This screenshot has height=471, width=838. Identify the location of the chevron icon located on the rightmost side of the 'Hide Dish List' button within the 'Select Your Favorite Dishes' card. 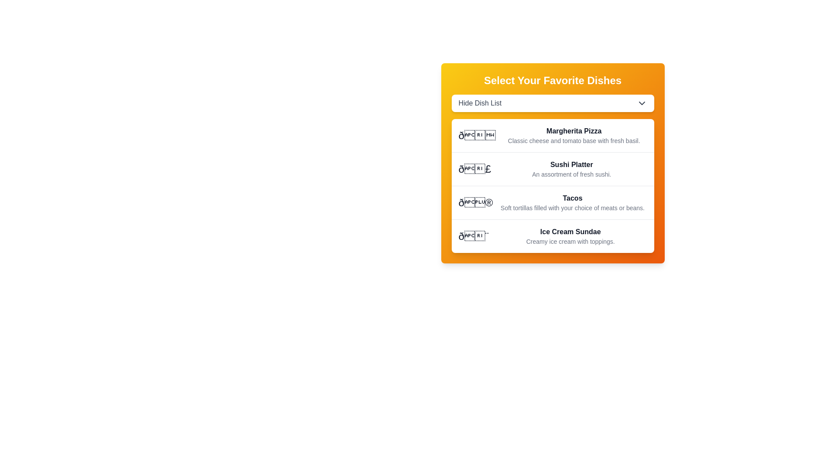
(642, 102).